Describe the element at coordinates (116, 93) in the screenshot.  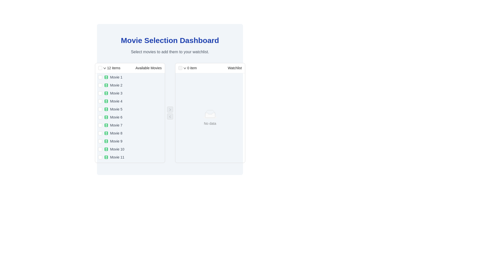
I see `the text label indicating the name of the third movie in the 'Available Movies' list` at that location.